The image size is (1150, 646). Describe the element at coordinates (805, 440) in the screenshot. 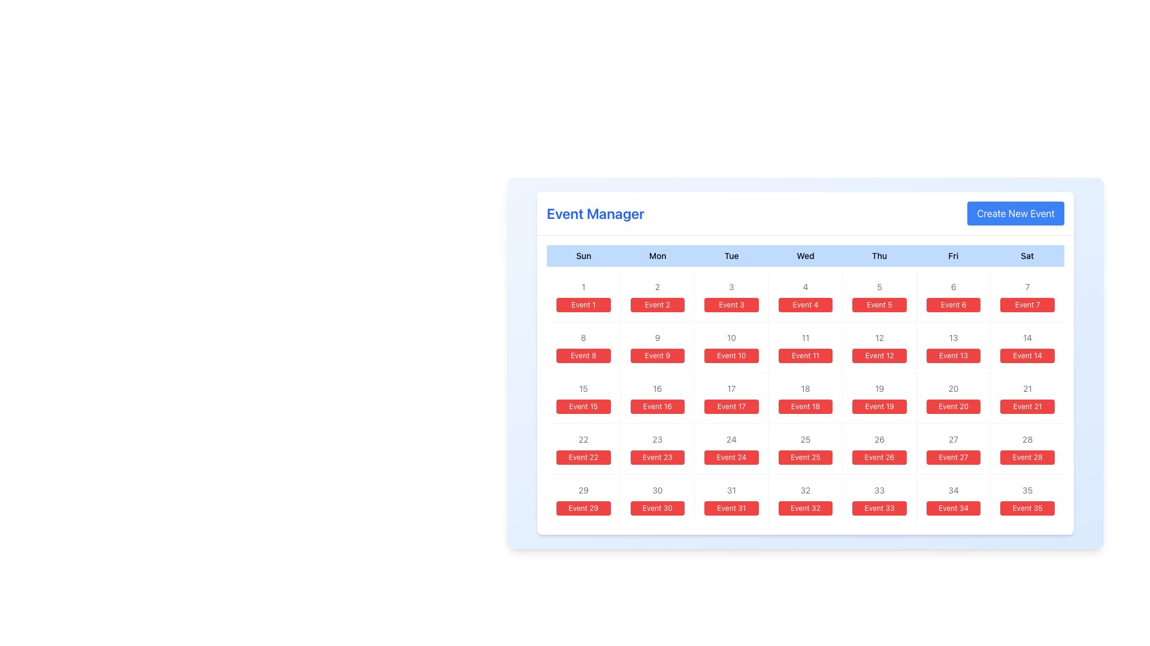

I see `the static text label indicating the day number '25' in the calendar, positioned in the fifth row and fourth column of the grid` at that location.